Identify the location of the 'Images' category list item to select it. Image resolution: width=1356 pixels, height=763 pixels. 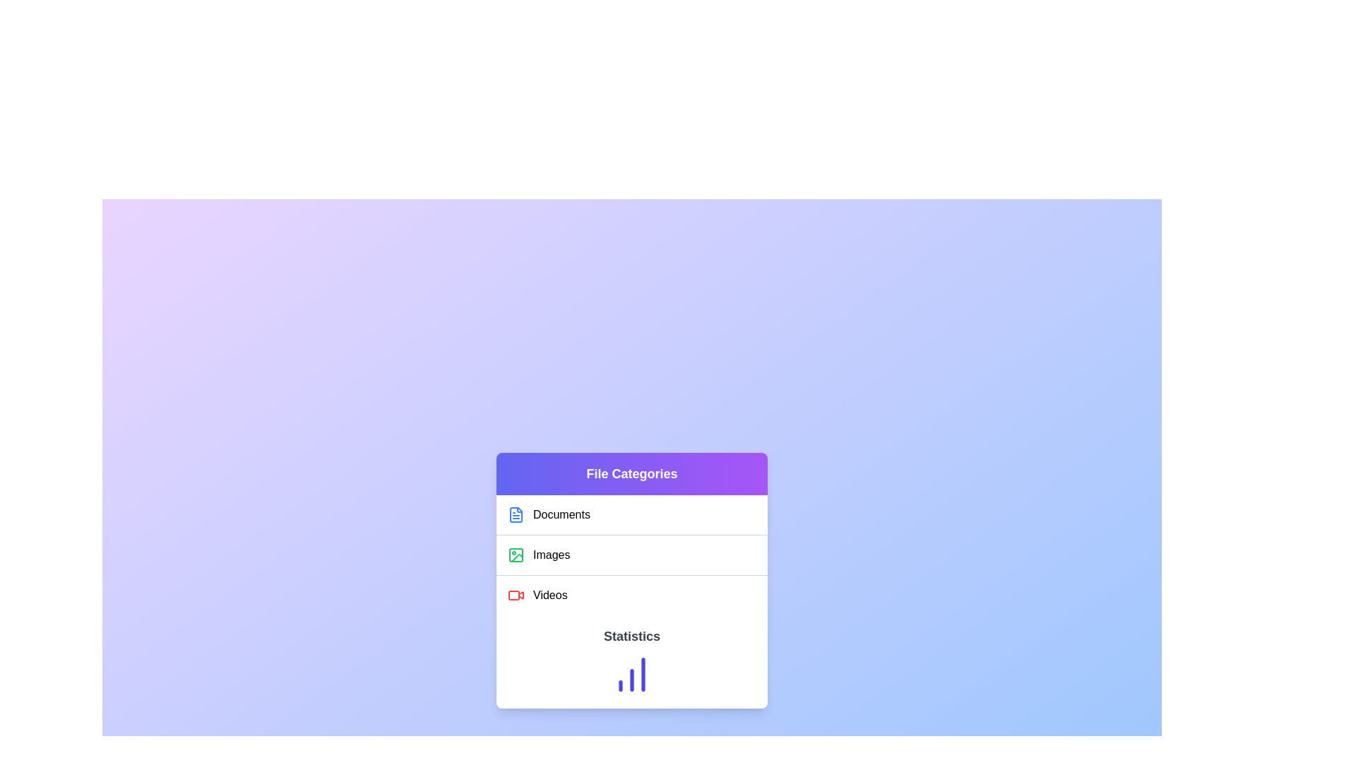
(631, 554).